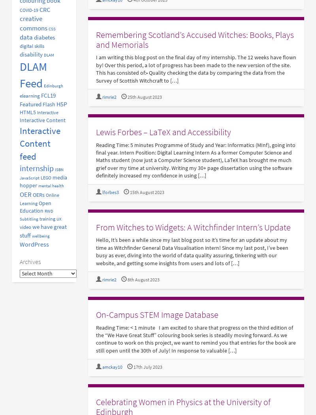 This screenshot has width=316, height=415. I want to click on 'Hello, It’s been a while since my last blog post so it’s time for an update about my time as Witchfinder General Data Visualisation intern! Since my last post, I’ve been busy as ever, diving into the world of data quality assuring, tinkering with our website, and getting some insights from users and lots of […]', so click(192, 251).